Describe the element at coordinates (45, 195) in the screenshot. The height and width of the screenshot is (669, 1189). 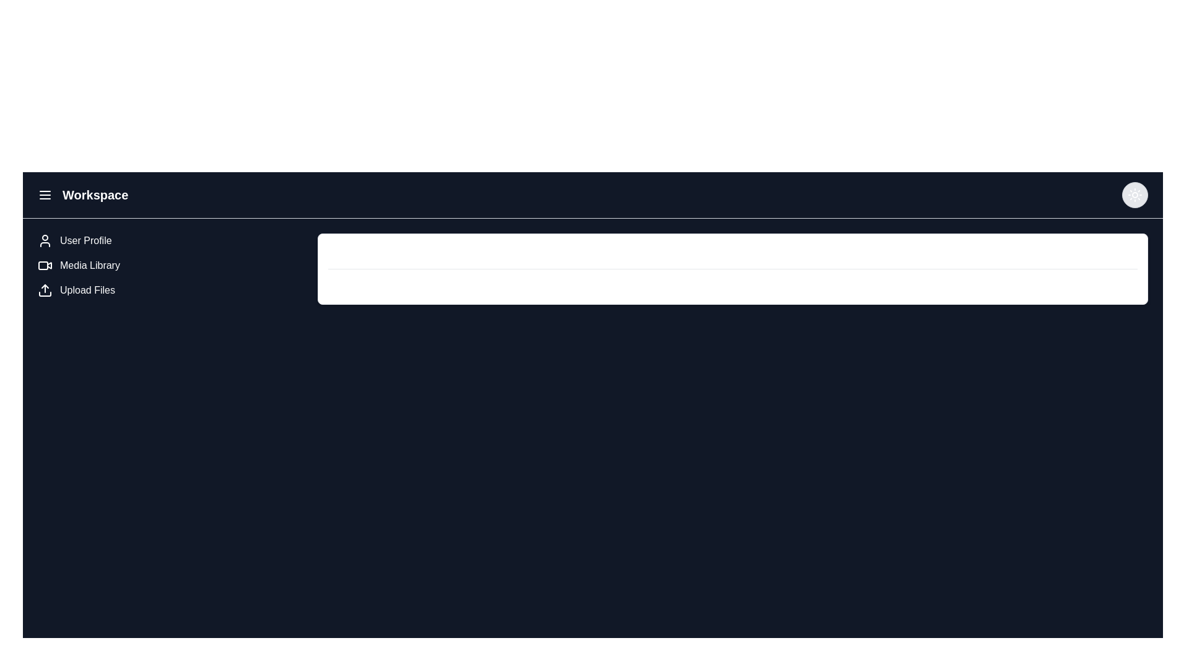
I see `the three-line menu icon (hamburger menu) located at the top-left corner of the page, adjacent to the 'Workspace' text` at that location.